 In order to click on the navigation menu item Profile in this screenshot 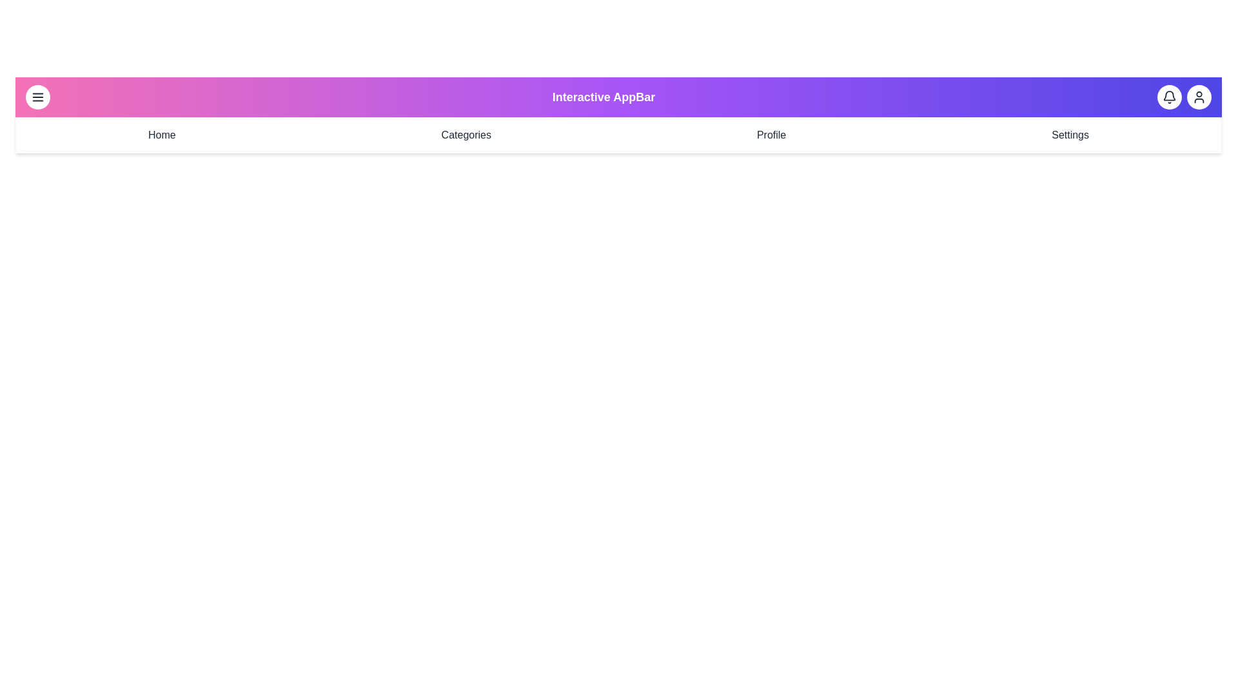, I will do `click(771, 135)`.